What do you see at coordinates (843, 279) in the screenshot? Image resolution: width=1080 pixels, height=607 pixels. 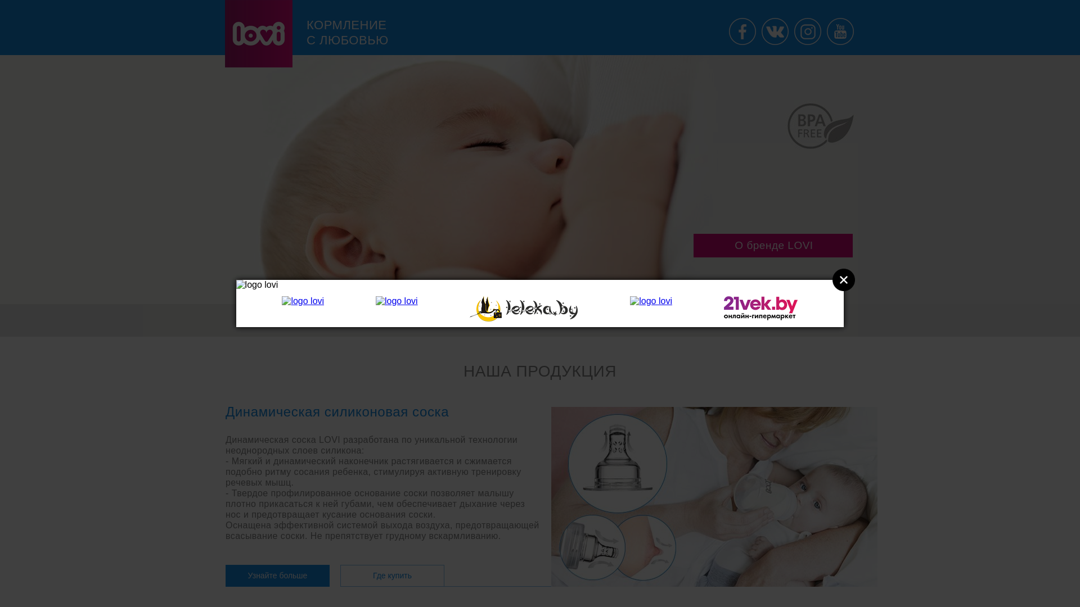 I see `'Close'` at bounding box center [843, 279].